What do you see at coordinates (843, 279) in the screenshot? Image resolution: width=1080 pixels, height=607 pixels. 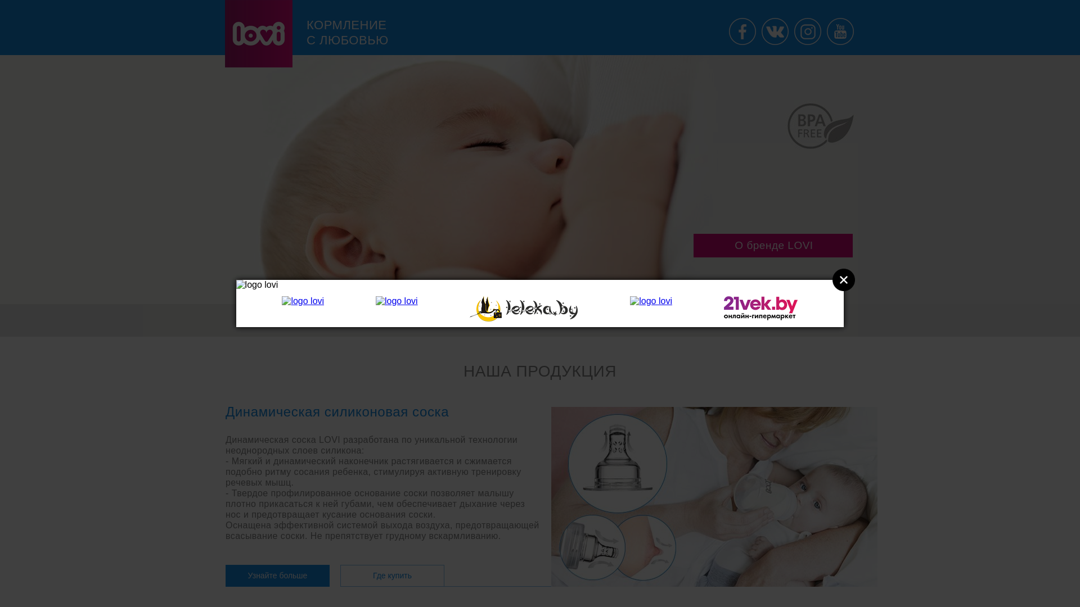 I see `'Close'` at bounding box center [843, 279].